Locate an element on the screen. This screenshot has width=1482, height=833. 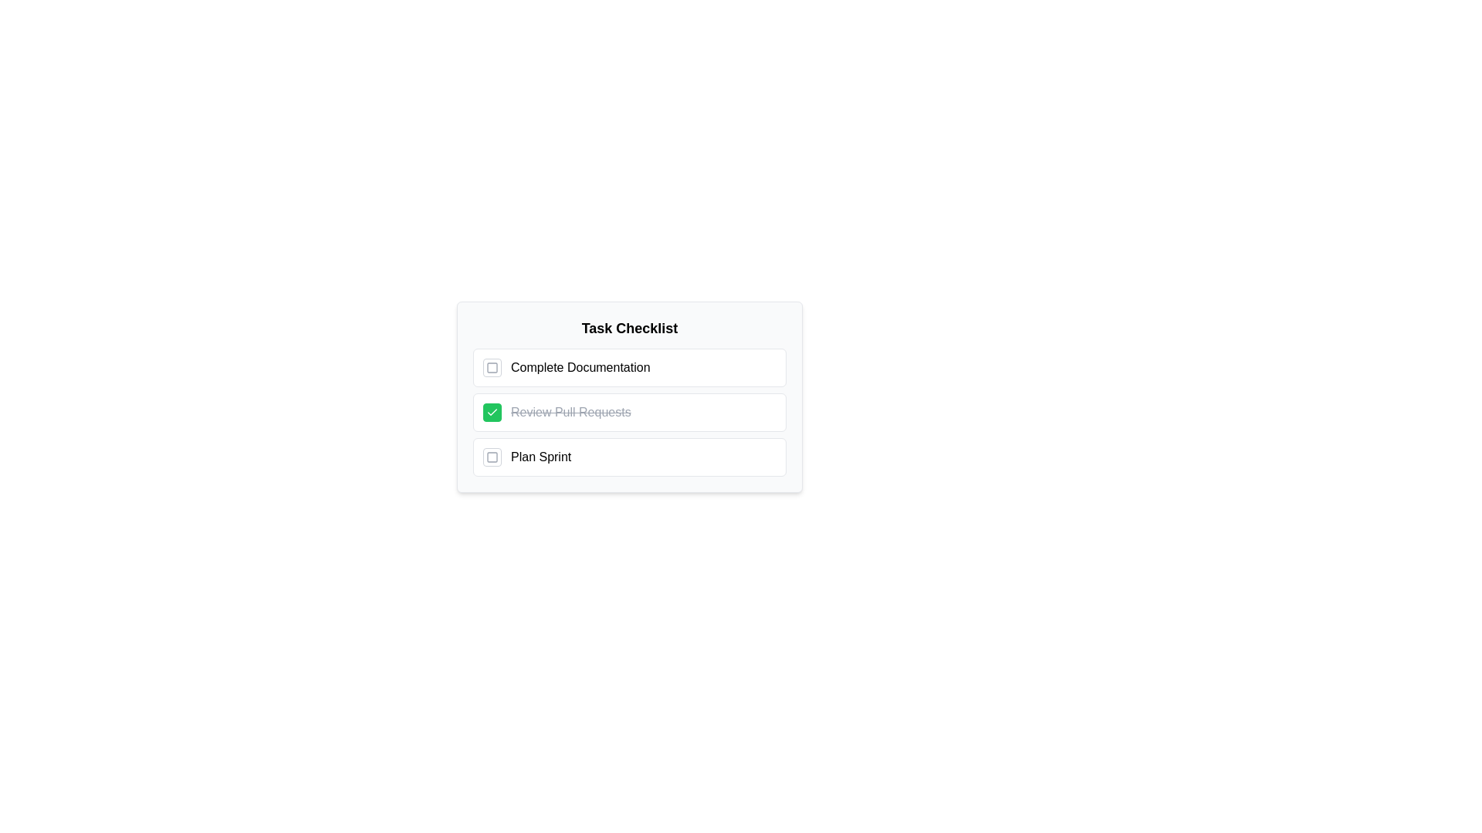
the checkbox element next to the text item labeled 'Complete Documentation' in the checklist to mark it as selected is located at coordinates (492, 368).